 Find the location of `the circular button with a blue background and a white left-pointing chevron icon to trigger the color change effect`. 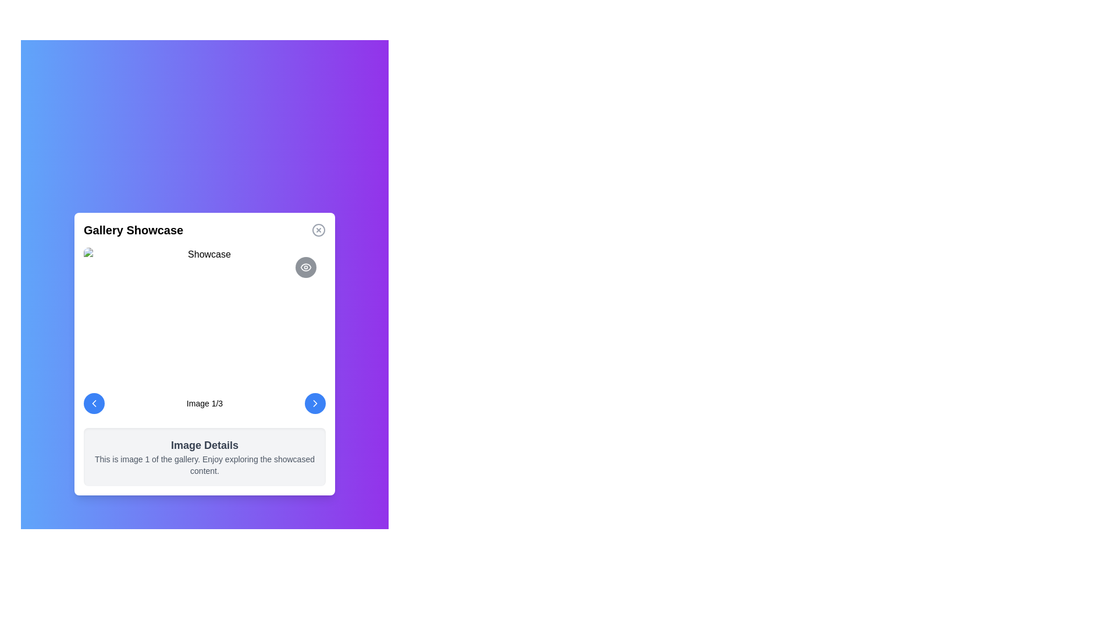

the circular button with a blue background and a white left-pointing chevron icon to trigger the color change effect is located at coordinates (94, 403).